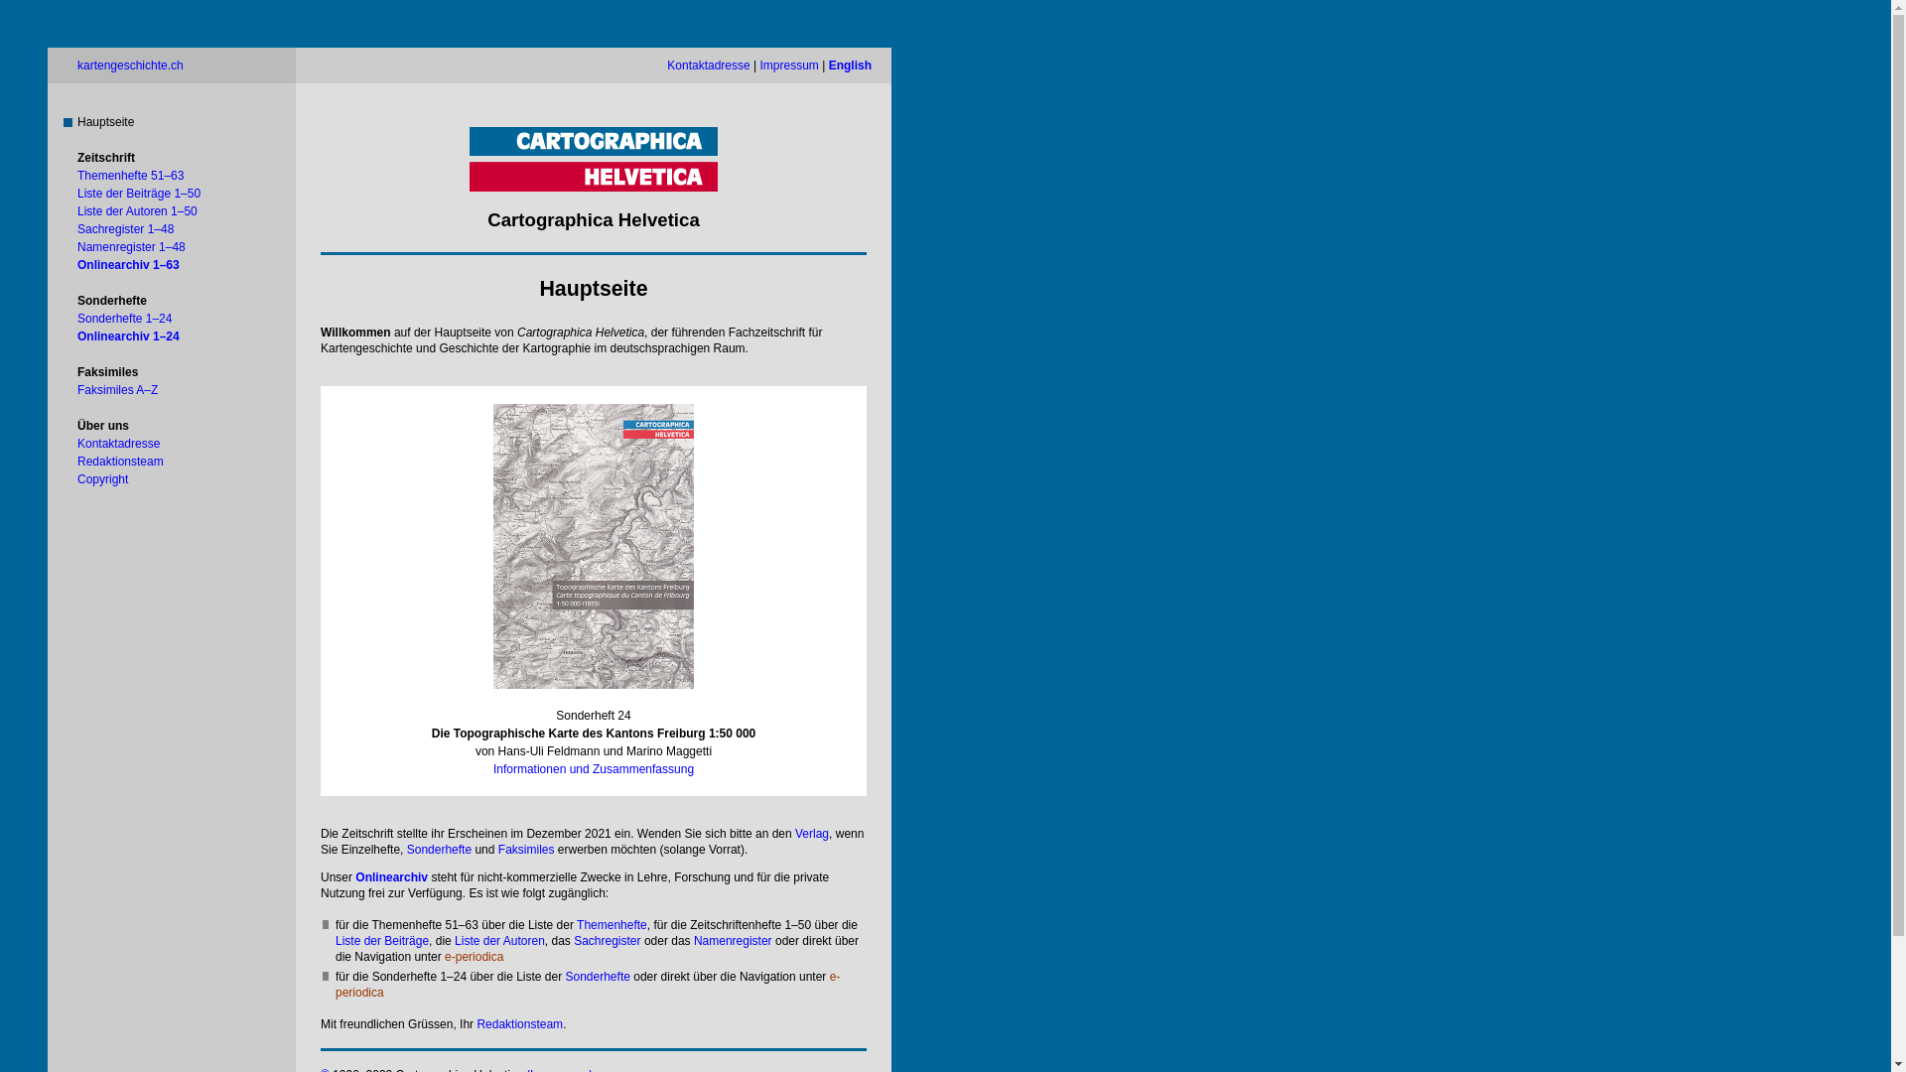 The height and width of the screenshot is (1072, 1906). I want to click on 'Sachregister', so click(606, 940).